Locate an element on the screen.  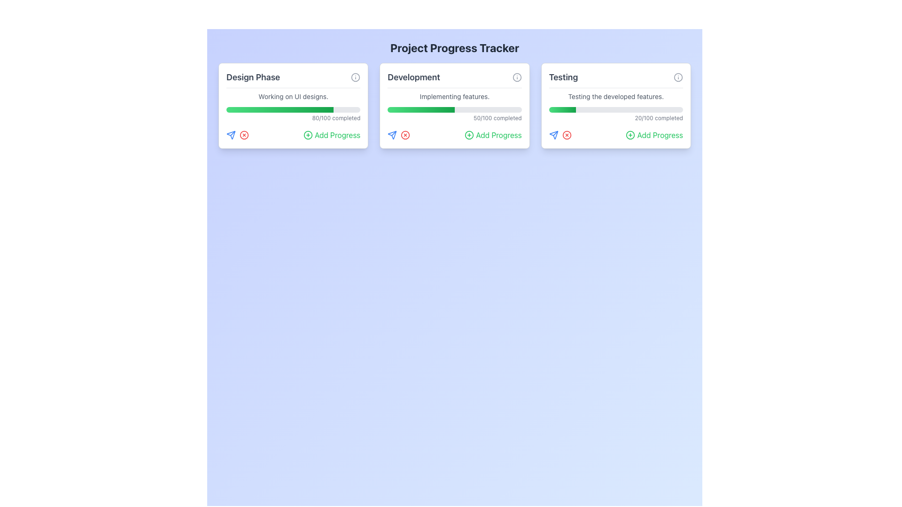
the progress bar located in the 'Development' card, which is positioned below the text 'Implementing features.' and above the percentage completion text '50/100 completed.' is located at coordinates (455, 109).